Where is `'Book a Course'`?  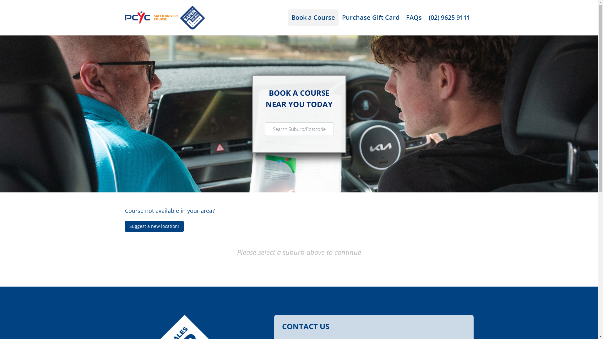
'Book a Course' is located at coordinates (313, 17).